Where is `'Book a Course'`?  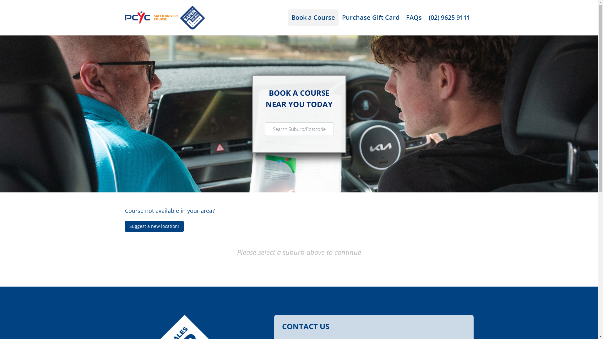
'Book a Course' is located at coordinates (313, 17).